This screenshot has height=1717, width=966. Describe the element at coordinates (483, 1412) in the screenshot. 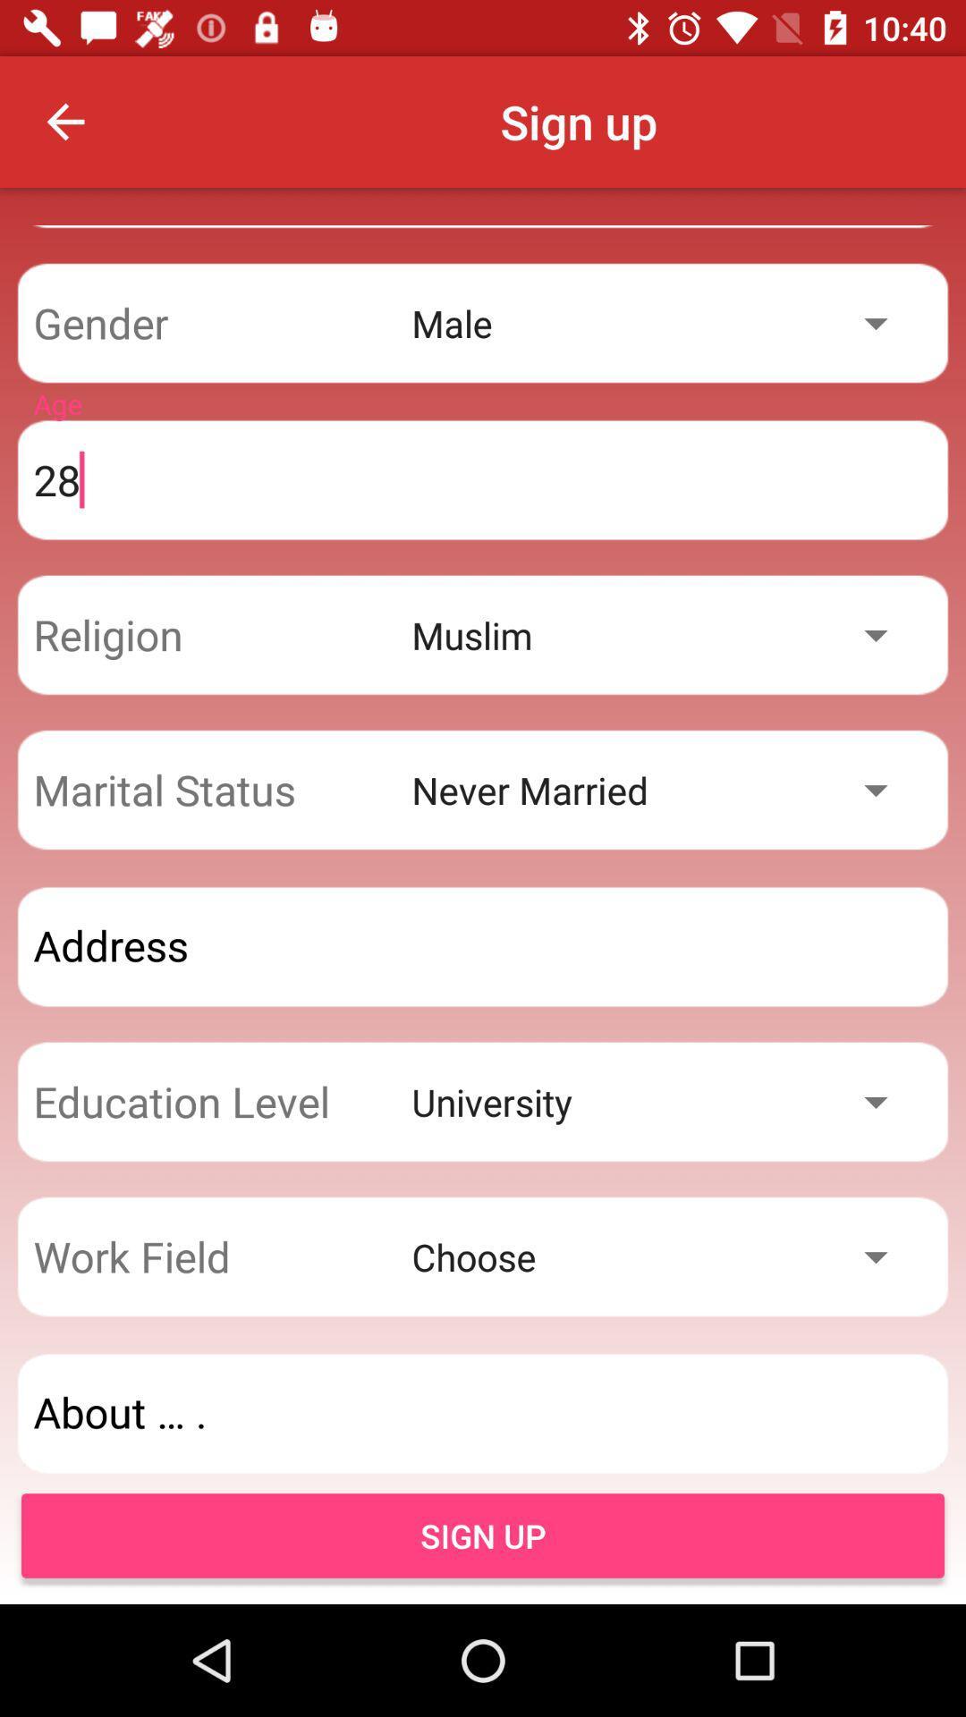

I see `about` at that location.